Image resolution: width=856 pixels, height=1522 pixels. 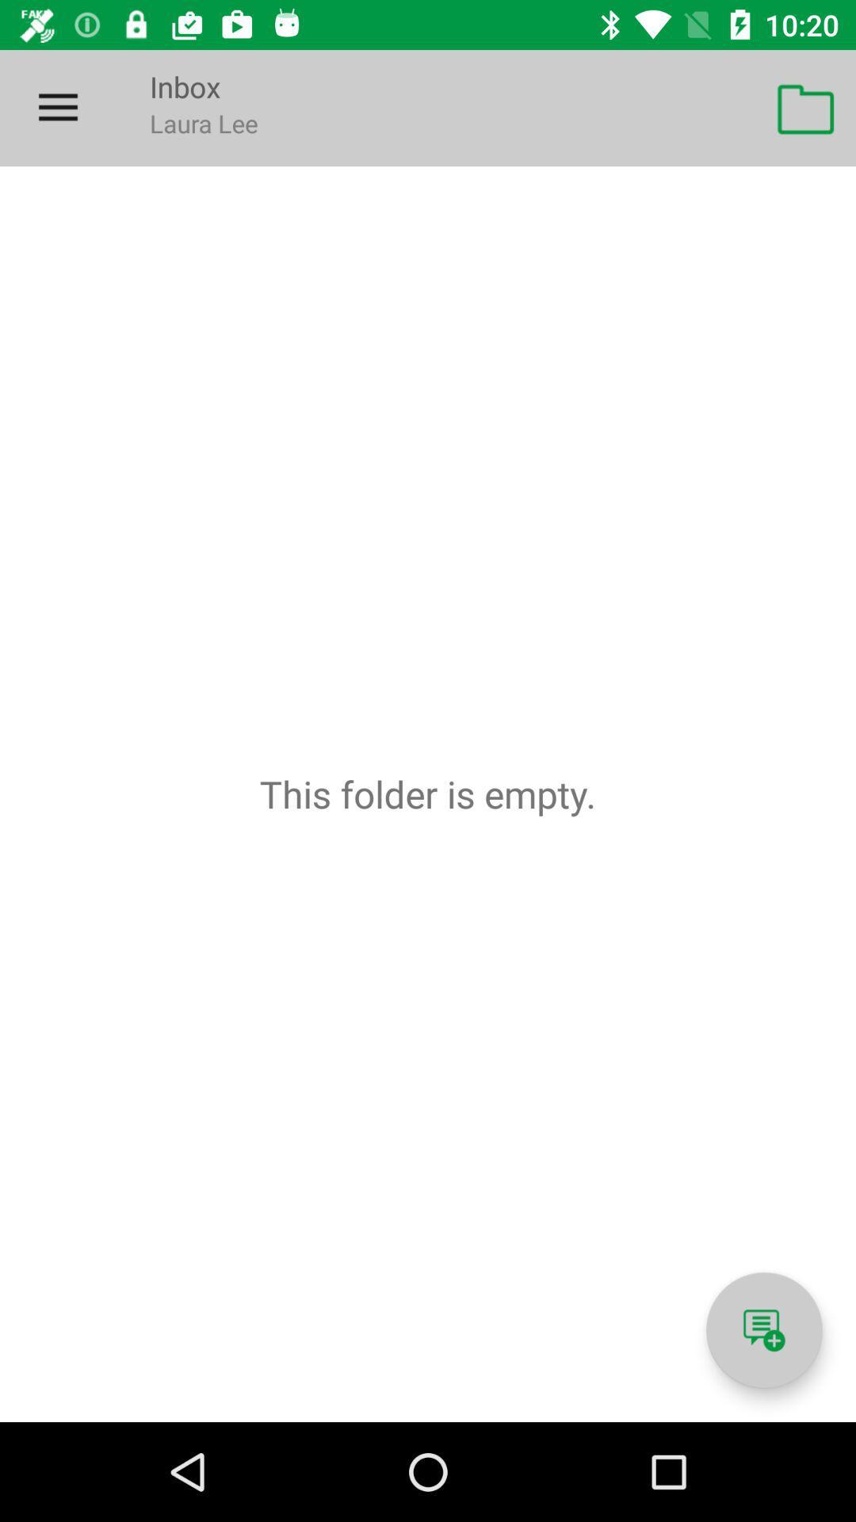 I want to click on icon at the top right corner, so click(x=806, y=107).